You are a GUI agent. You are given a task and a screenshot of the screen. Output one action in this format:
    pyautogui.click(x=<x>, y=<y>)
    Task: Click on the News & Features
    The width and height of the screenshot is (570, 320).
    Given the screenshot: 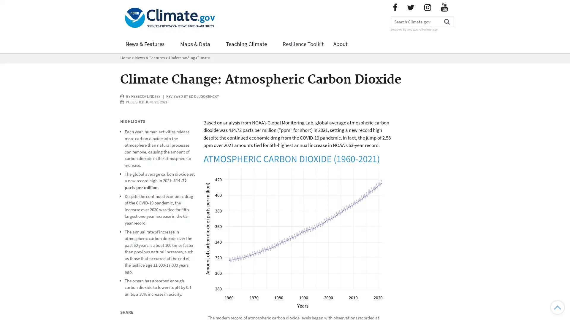 What is the action you would take?
    pyautogui.click(x=148, y=43)
    